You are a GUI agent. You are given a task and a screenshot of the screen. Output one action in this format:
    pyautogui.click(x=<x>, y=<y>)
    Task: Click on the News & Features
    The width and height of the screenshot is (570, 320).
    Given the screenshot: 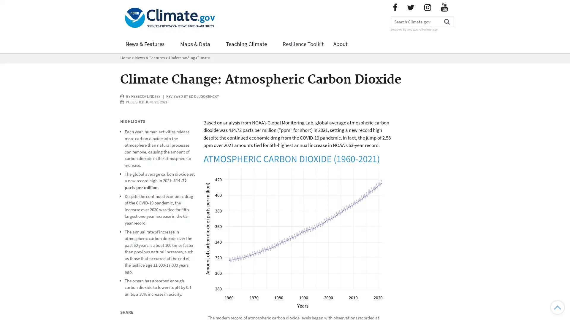 What is the action you would take?
    pyautogui.click(x=148, y=43)
    